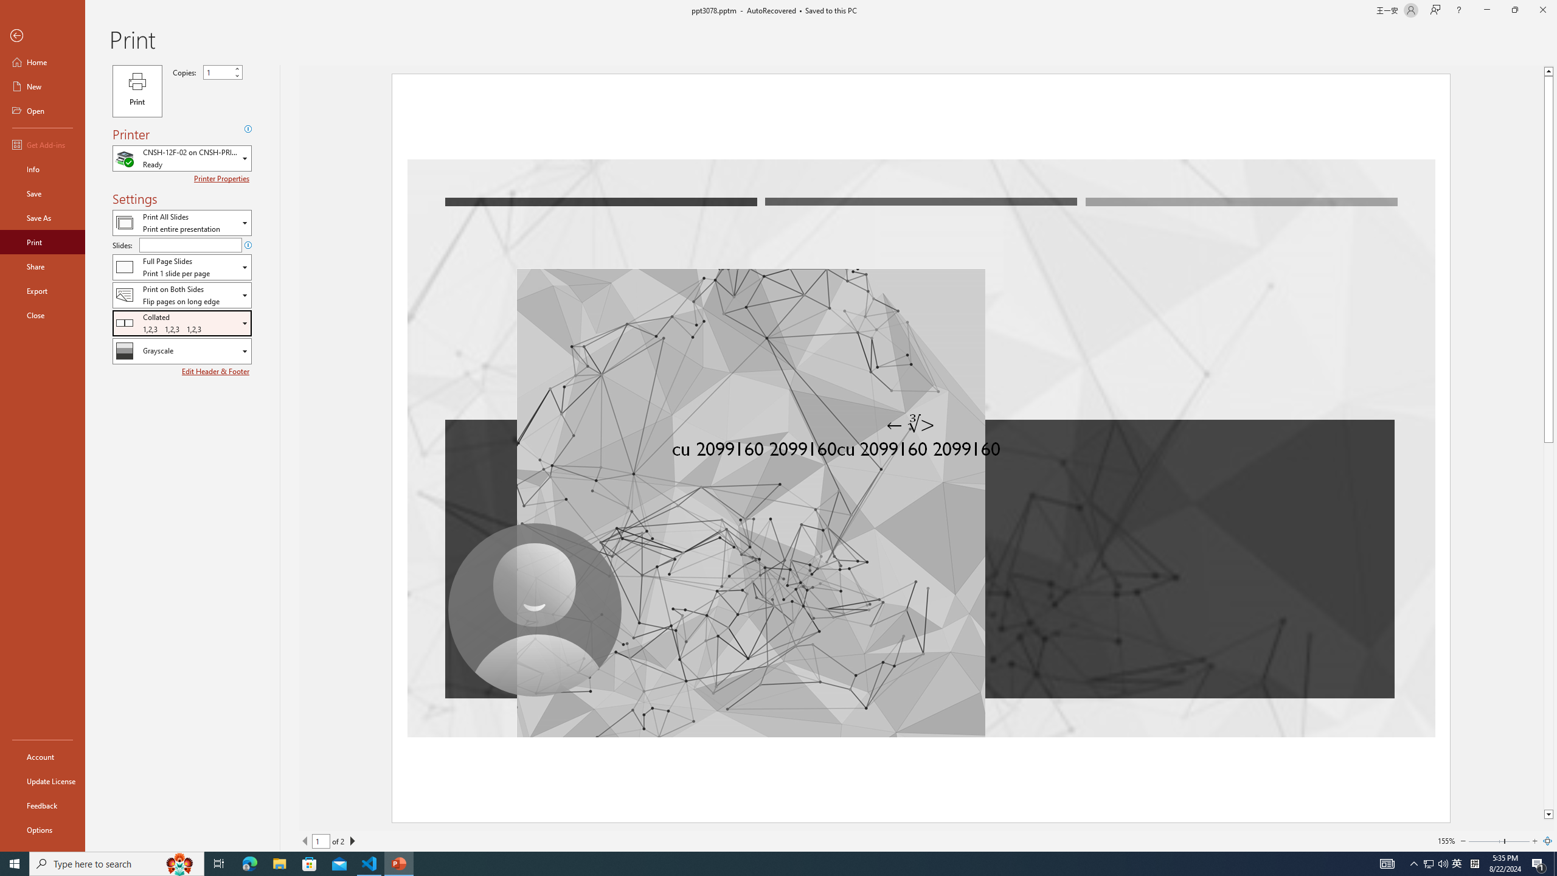 The height and width of the screenshot is (876, 1557). I want to click on 'Copies', so click(223, 72).